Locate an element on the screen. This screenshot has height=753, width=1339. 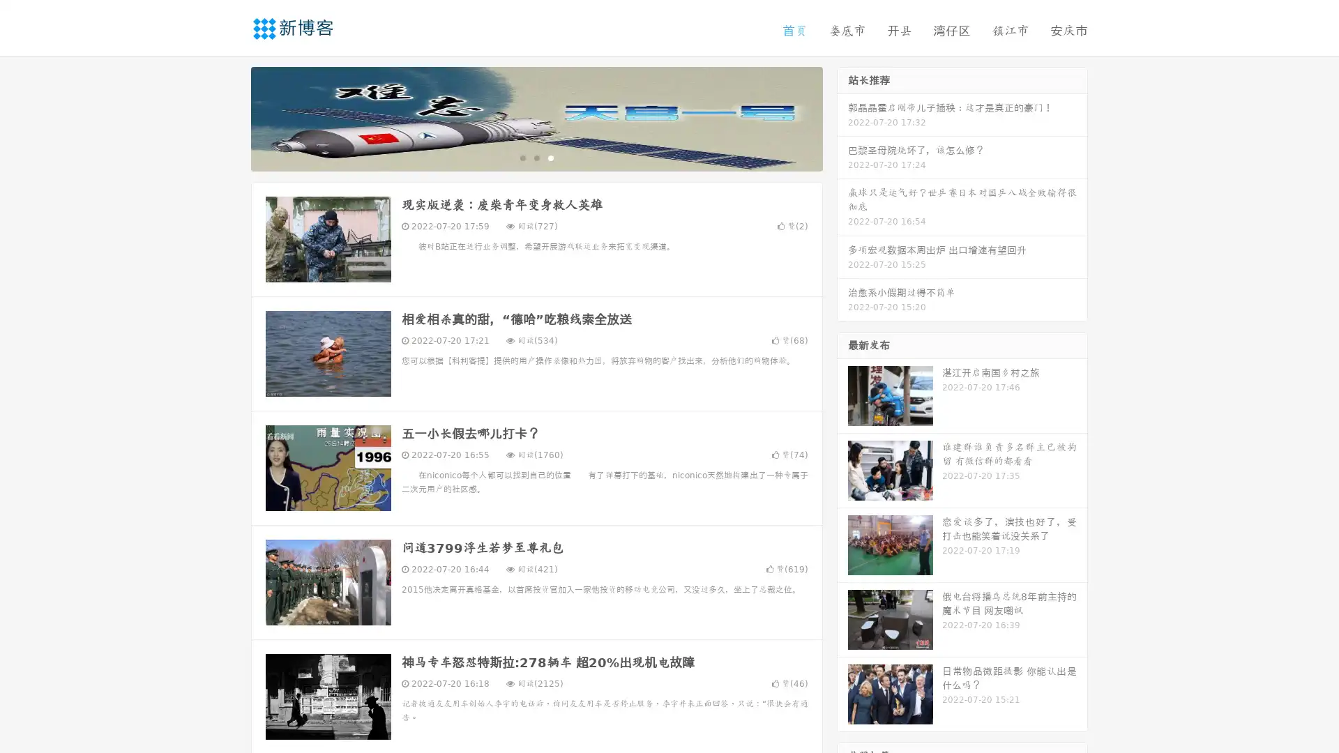
Next slide is located at coordinates (842, 117).